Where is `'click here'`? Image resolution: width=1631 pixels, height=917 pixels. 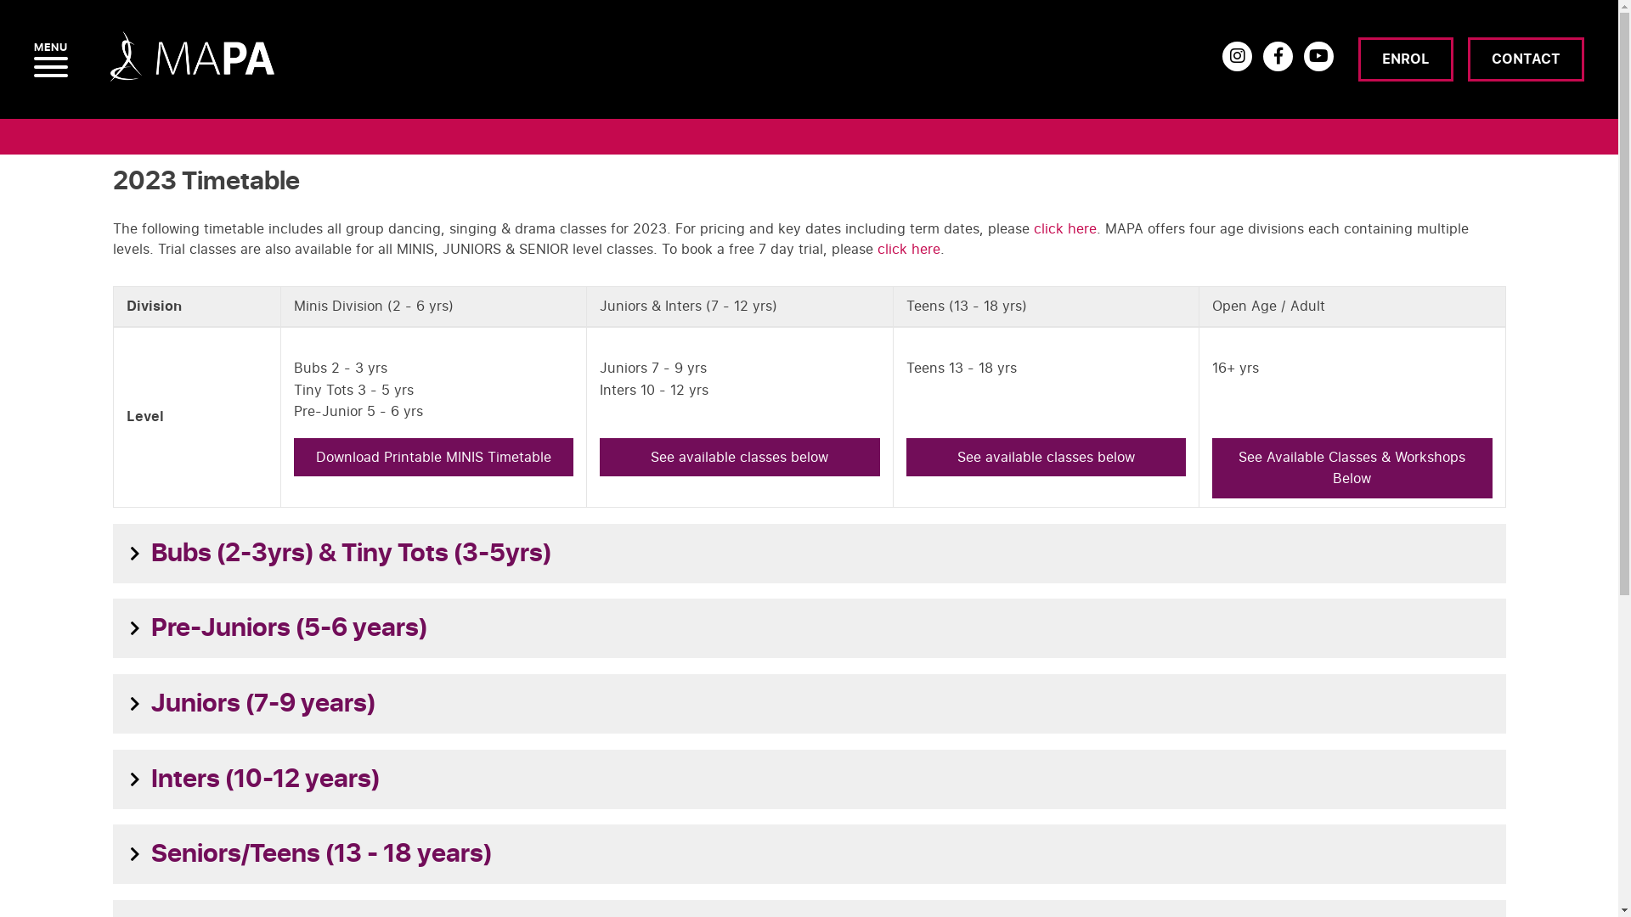
'click here' is located at coordinates (1063, 228).